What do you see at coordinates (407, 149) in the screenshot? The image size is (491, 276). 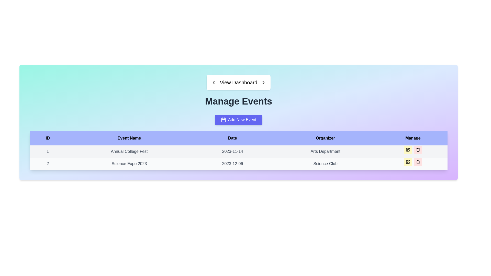 I see `the edit button in the 'Manage' column of the first row of the table` at bounding box center [407, 149].